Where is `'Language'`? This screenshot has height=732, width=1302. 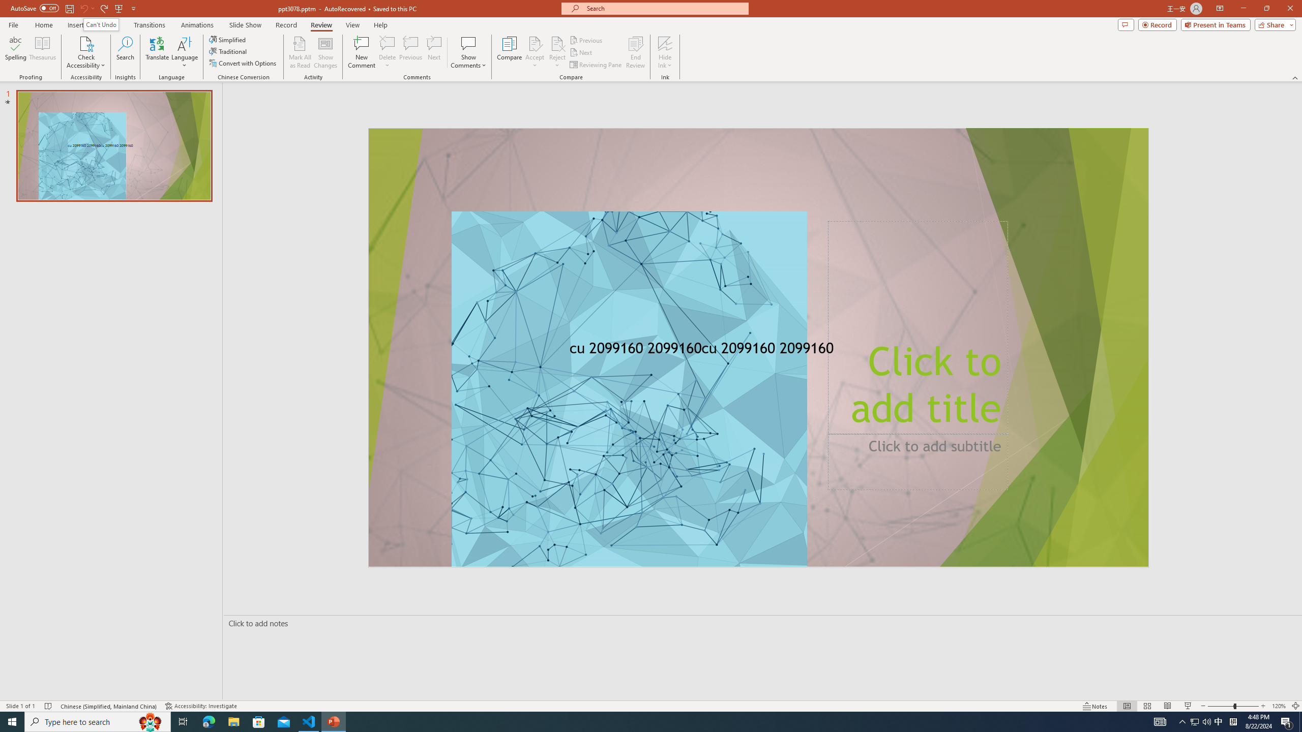
'Language' is located at coordinates (184, 52).